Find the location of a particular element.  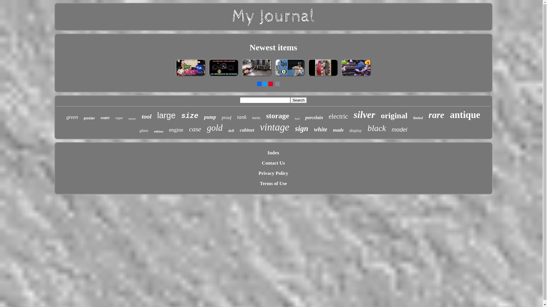

'display' is located at coordinates (355, 130).